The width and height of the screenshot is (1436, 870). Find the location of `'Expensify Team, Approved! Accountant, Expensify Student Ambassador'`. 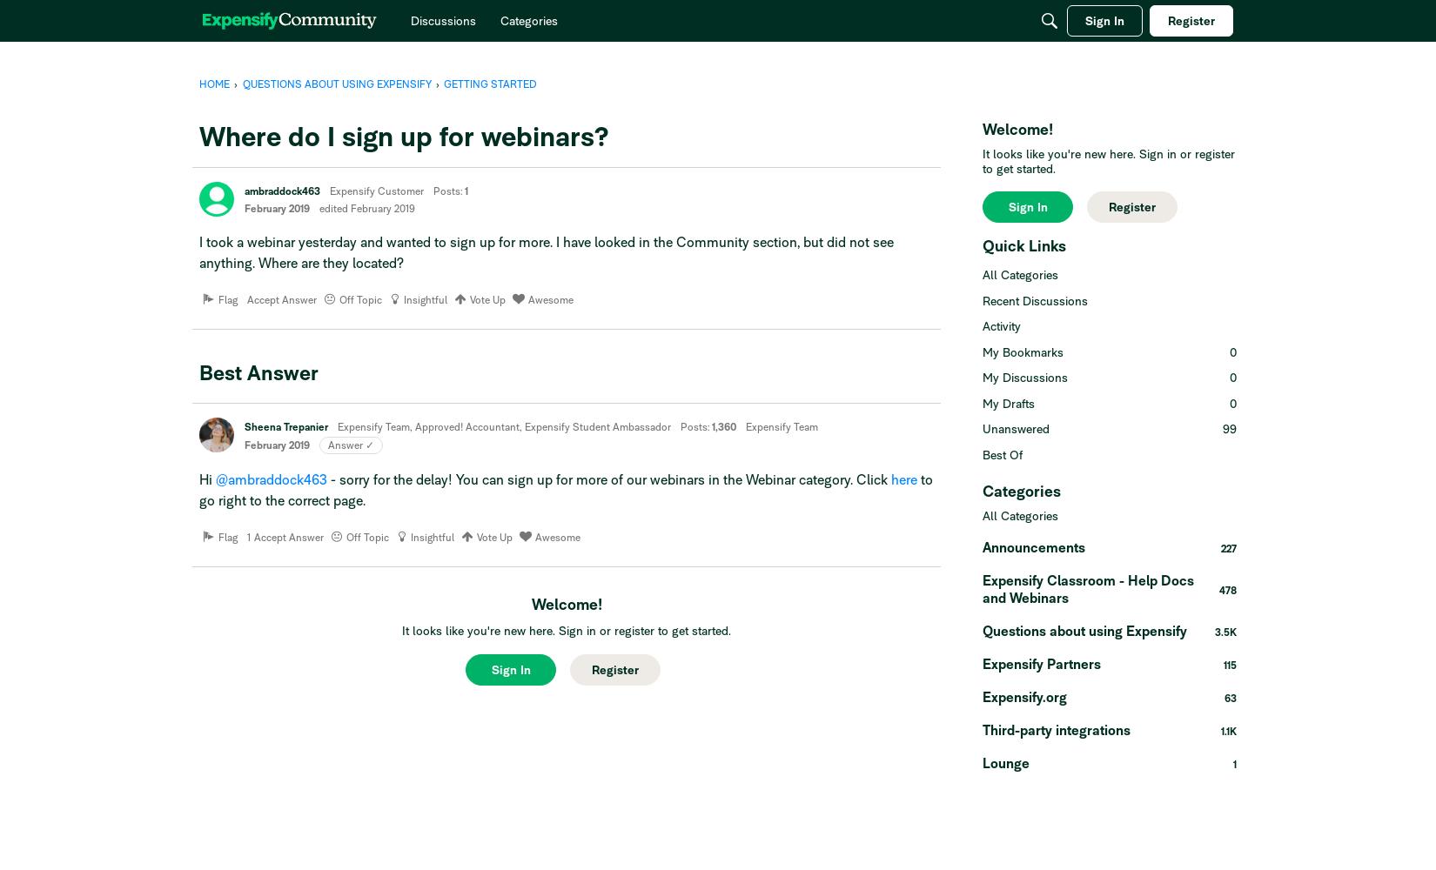

'Expensify Team, Approved! Accountant, Expensify Student Ambassador' is located at coordinates (503, 426).